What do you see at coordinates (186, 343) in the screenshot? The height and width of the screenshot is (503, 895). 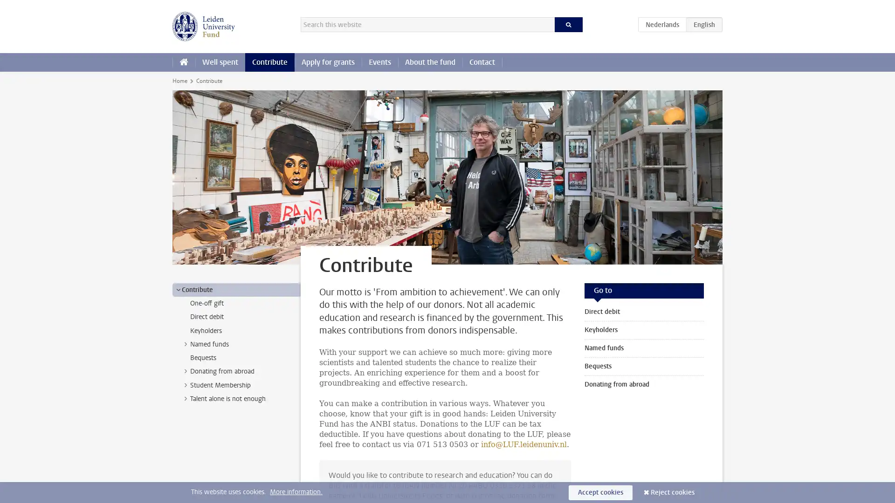 I see `>` at bounding box center [186, 343].